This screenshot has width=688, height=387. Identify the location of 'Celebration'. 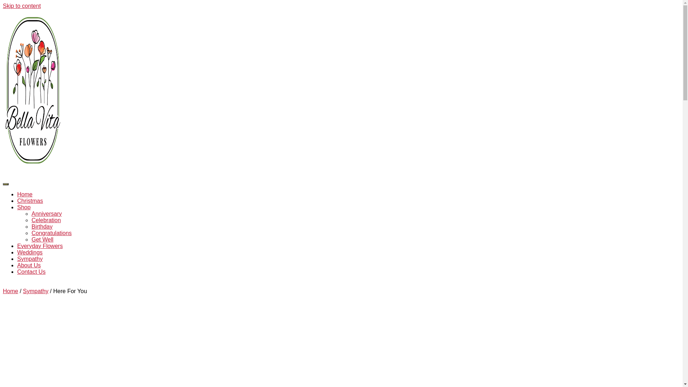
(31, 220).